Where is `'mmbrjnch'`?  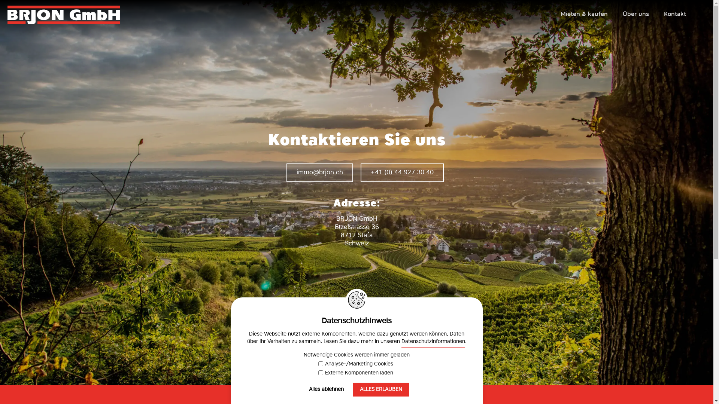
'mmbrjnch' is located at coordinates (319, 173).